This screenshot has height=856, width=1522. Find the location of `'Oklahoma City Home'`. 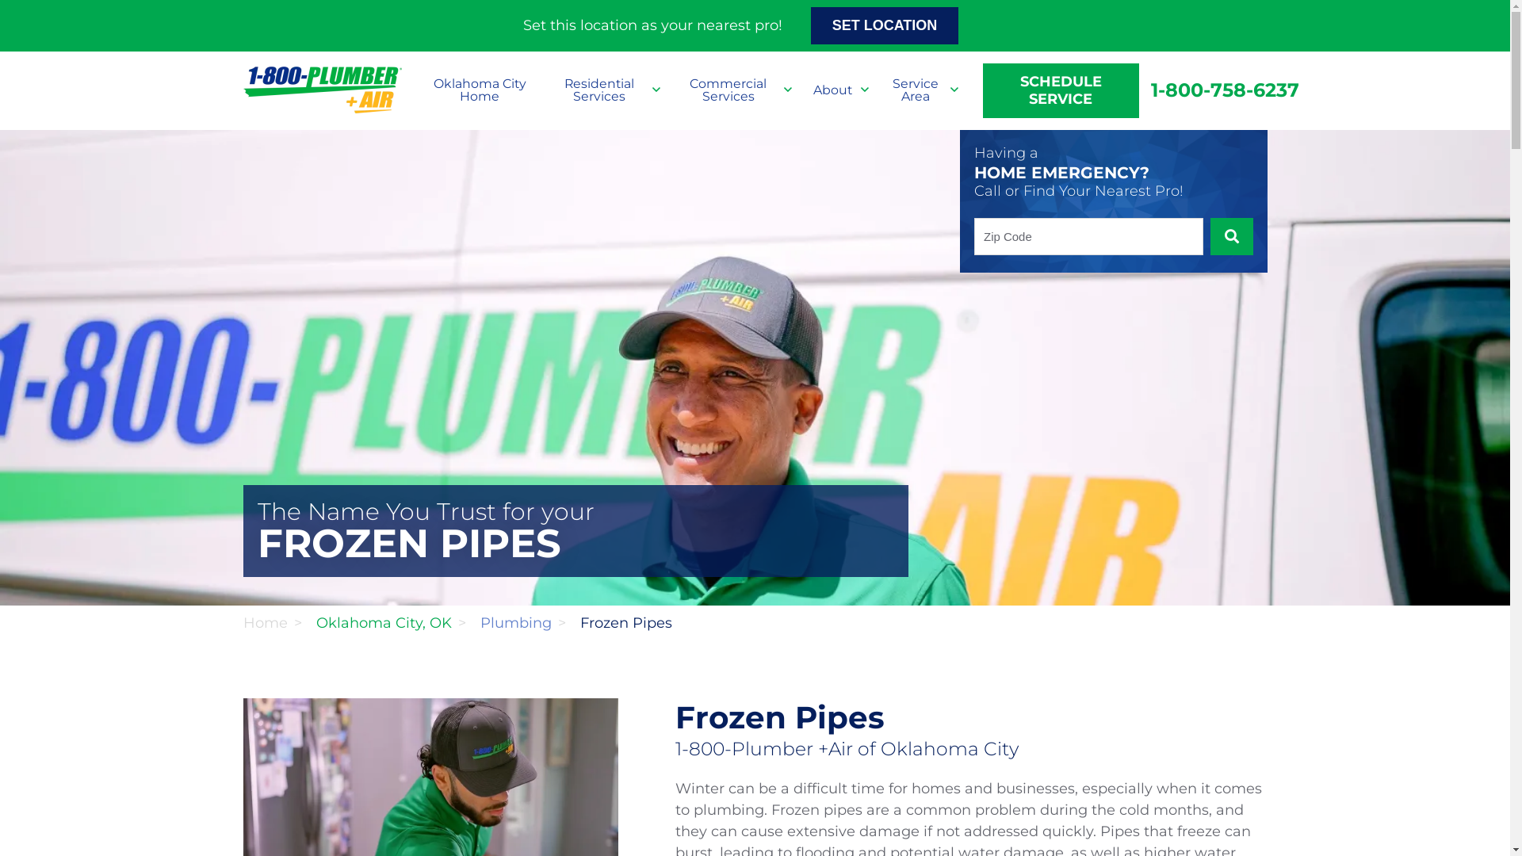

'Oklahoma City Home' is located at coordinates (479, 90).